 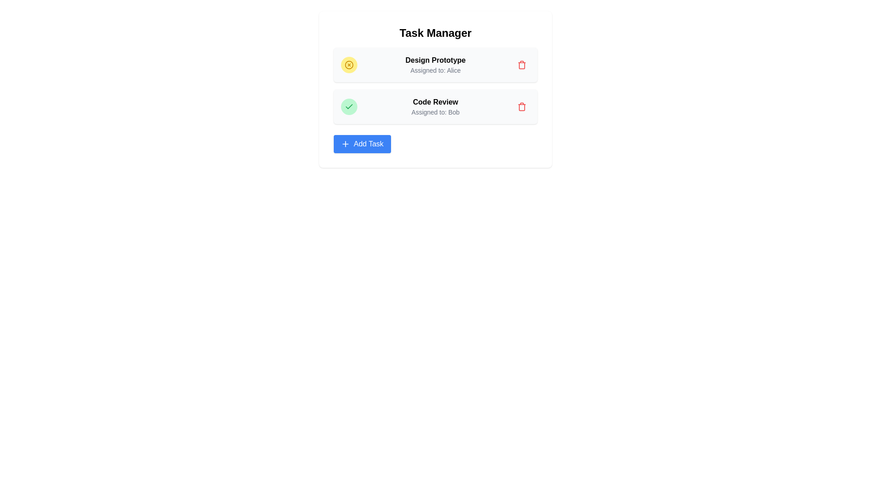 I want to click on the delete button associated with the 'Design Prototype' task, so click(x=522, y=106).